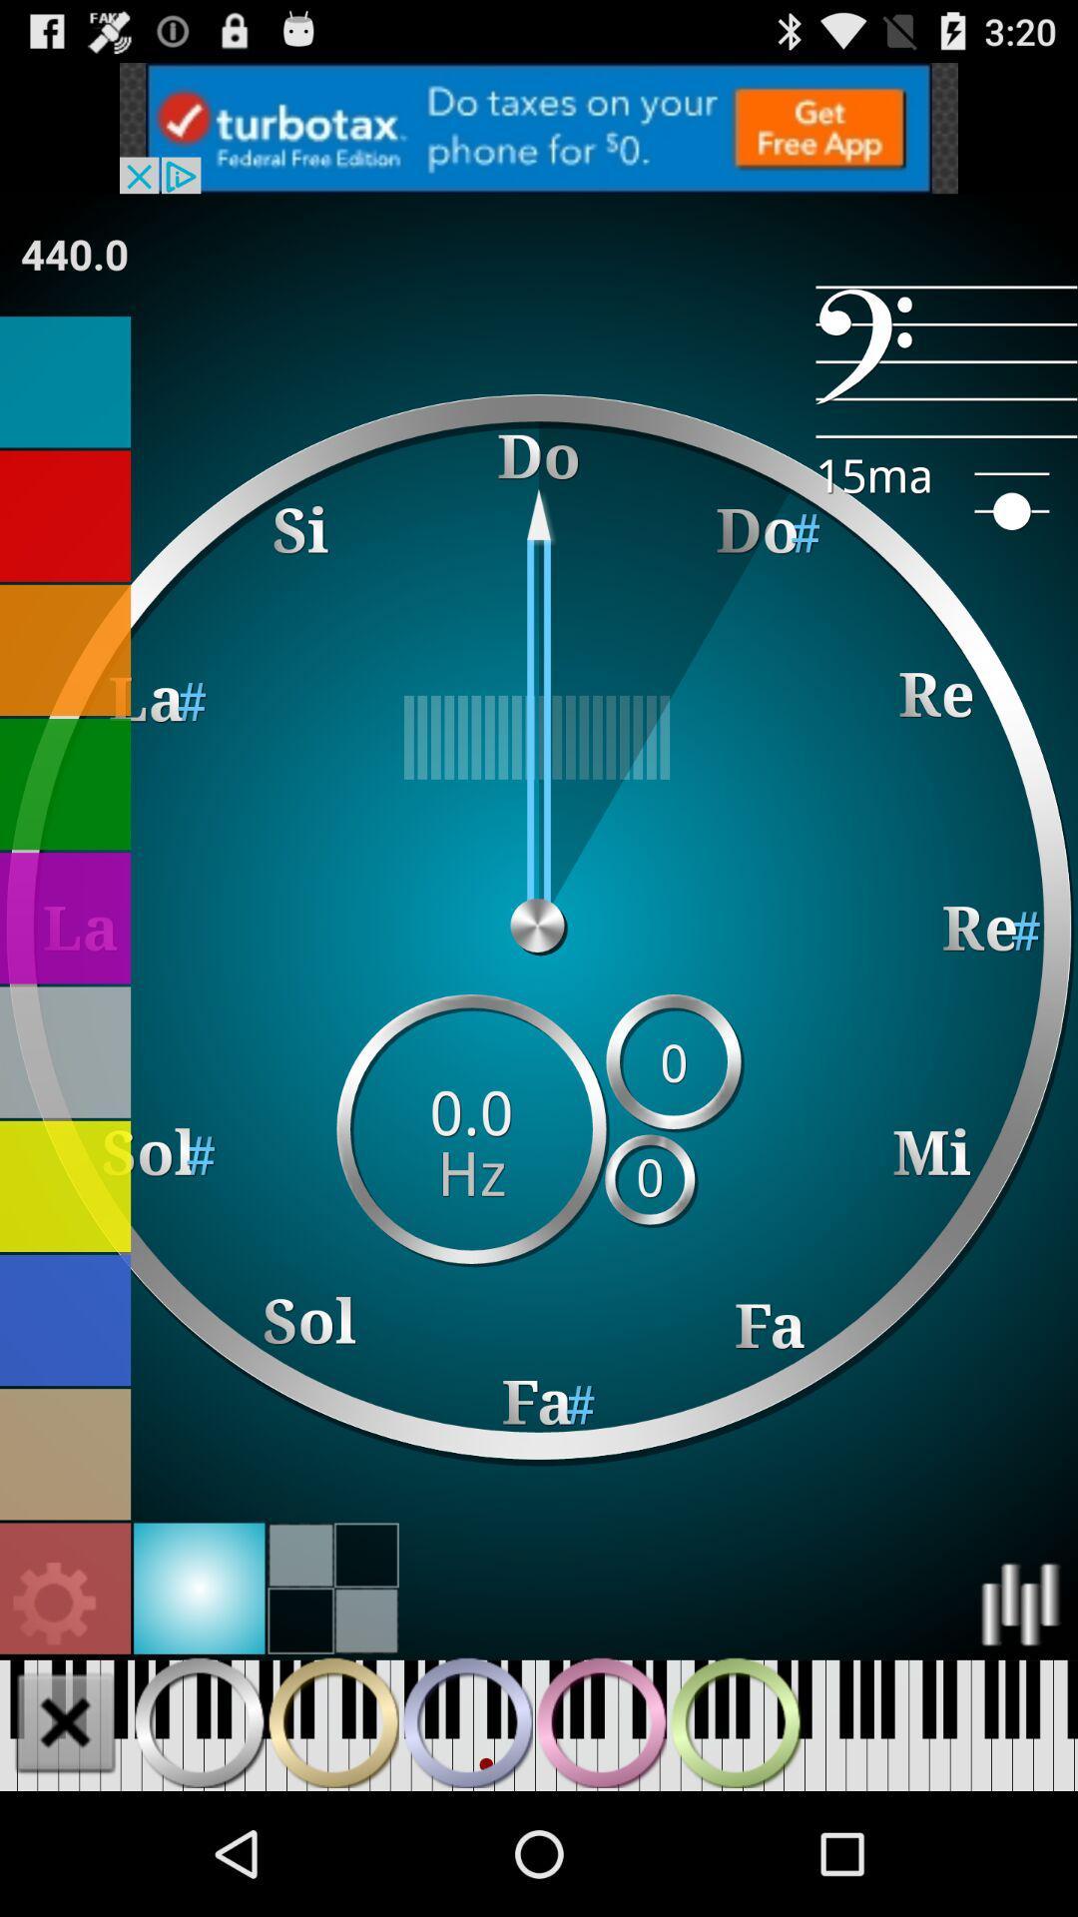  Describe the element at coordinates (64, 1051) in the screenshot. I see `change background color to grey` at that location.